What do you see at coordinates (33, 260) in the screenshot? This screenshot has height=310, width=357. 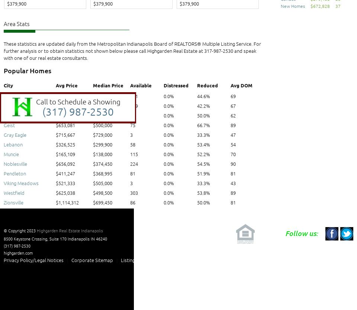 I see `'Privacy Policy/Legal Notices'` at bounding box center [33, 260].